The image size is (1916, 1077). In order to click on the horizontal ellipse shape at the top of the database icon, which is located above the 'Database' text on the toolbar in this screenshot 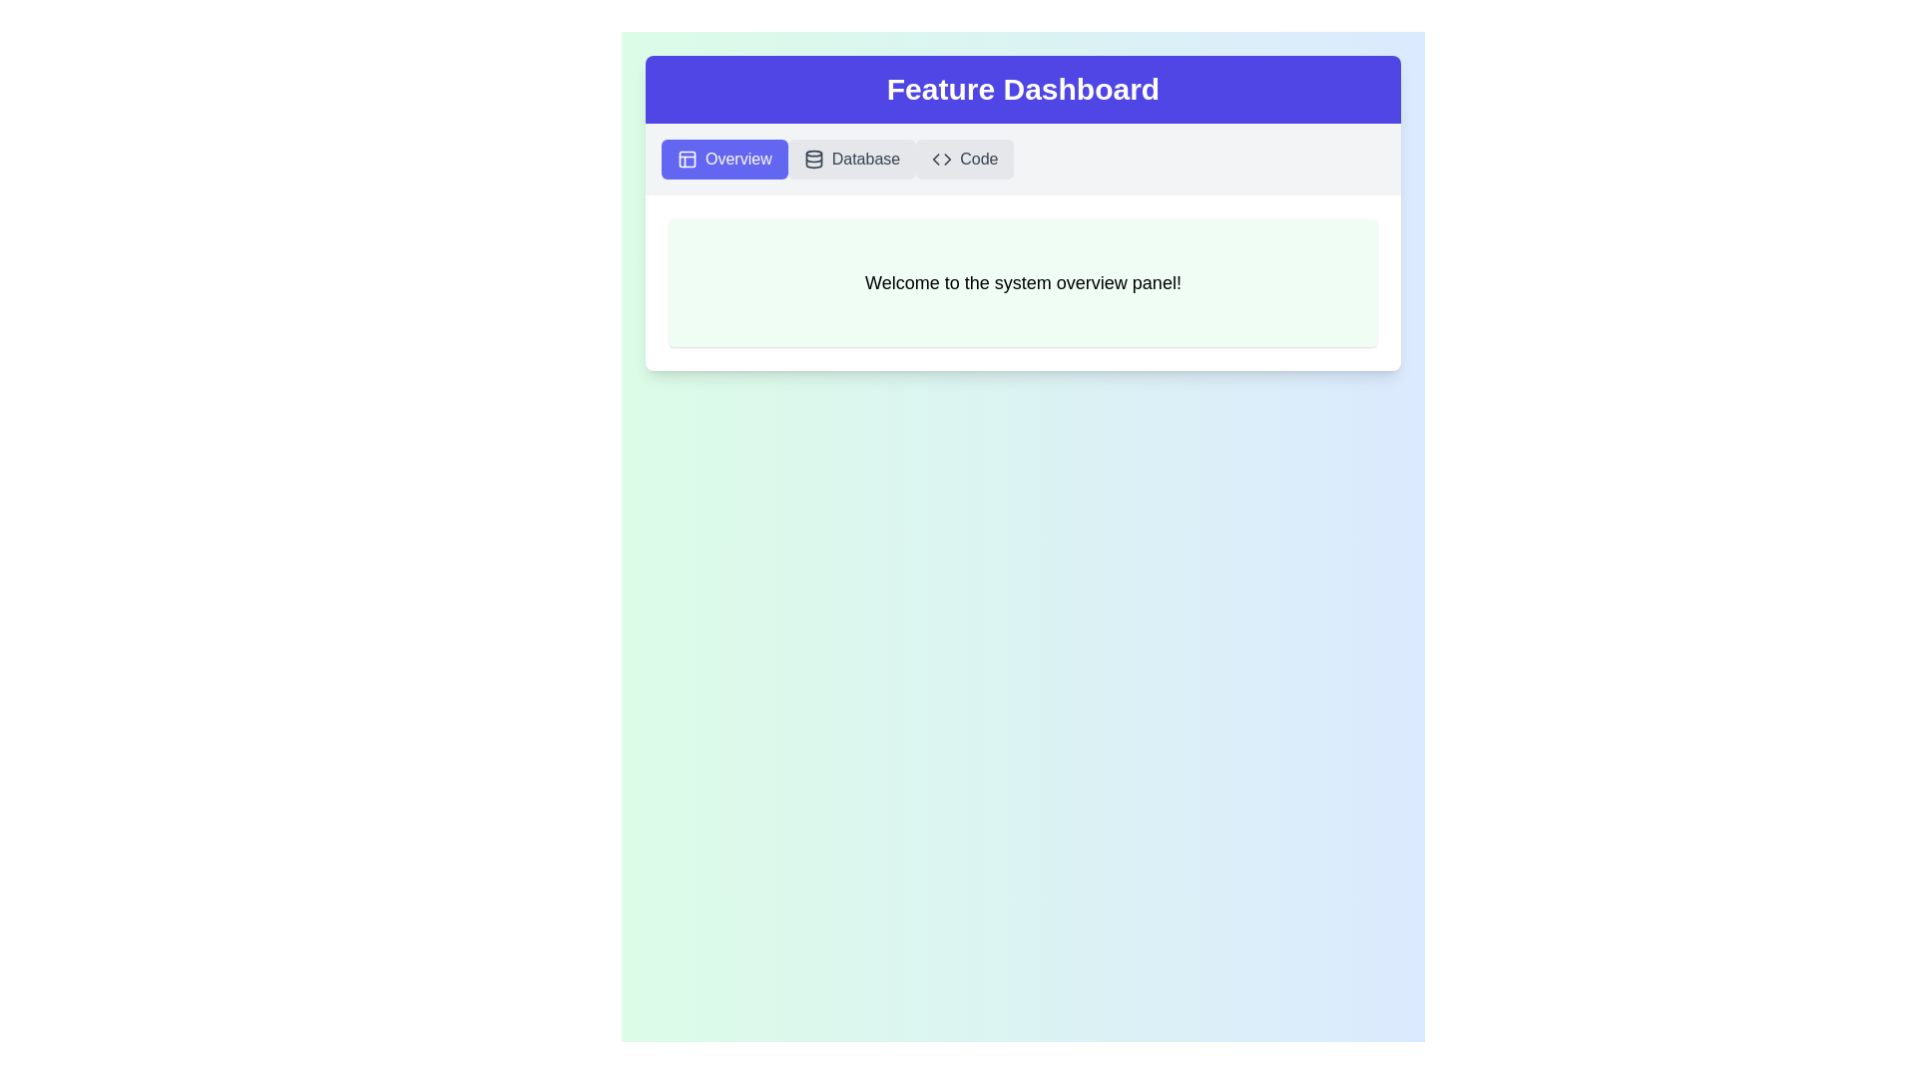, I will do `click(813, 153)`.